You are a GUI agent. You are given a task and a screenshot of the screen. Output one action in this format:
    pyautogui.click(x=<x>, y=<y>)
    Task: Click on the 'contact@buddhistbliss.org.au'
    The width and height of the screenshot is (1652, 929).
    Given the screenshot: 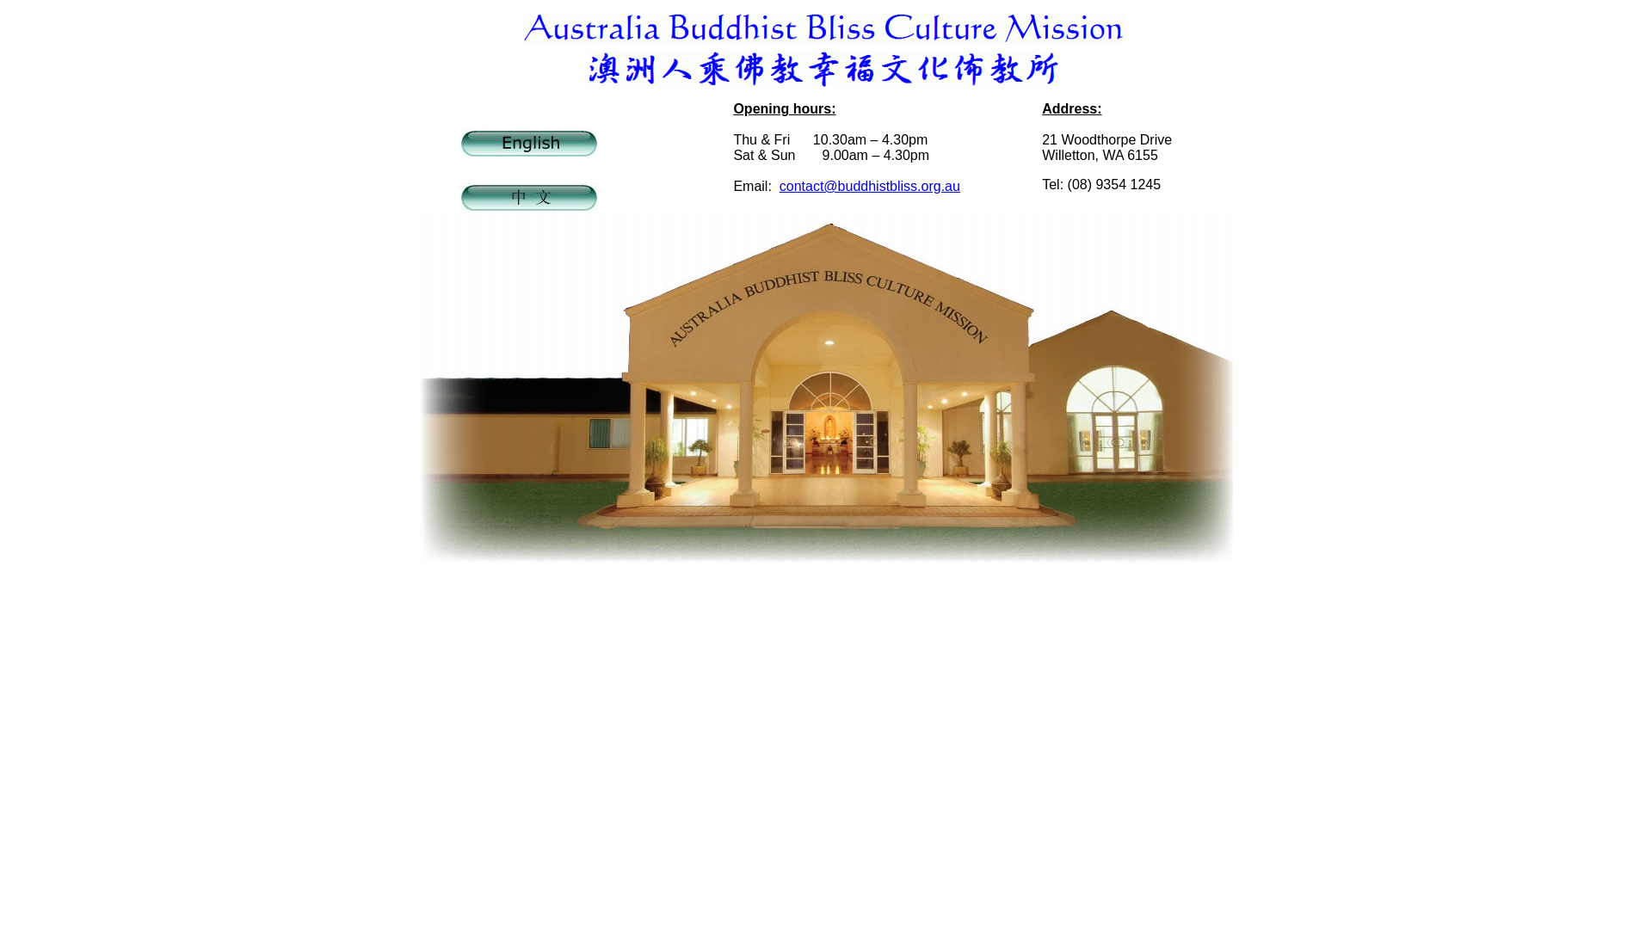 What is the action you would take?
    pyautogui.click(x=870, y=186)
    